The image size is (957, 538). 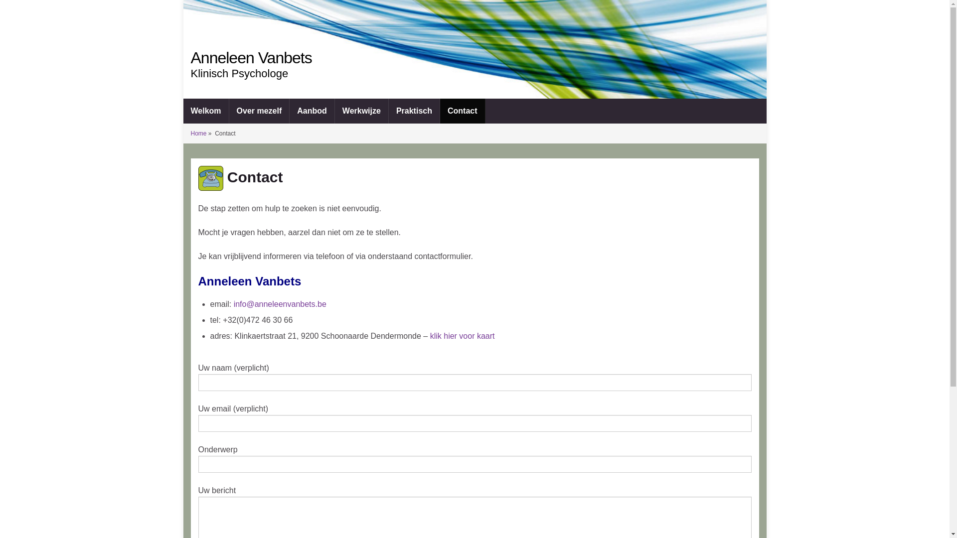 What do you see at coordinates (279, 303) in the screenshot?
I see `'info@anneleenvanbets.be'` at bounding box center [279, 303].